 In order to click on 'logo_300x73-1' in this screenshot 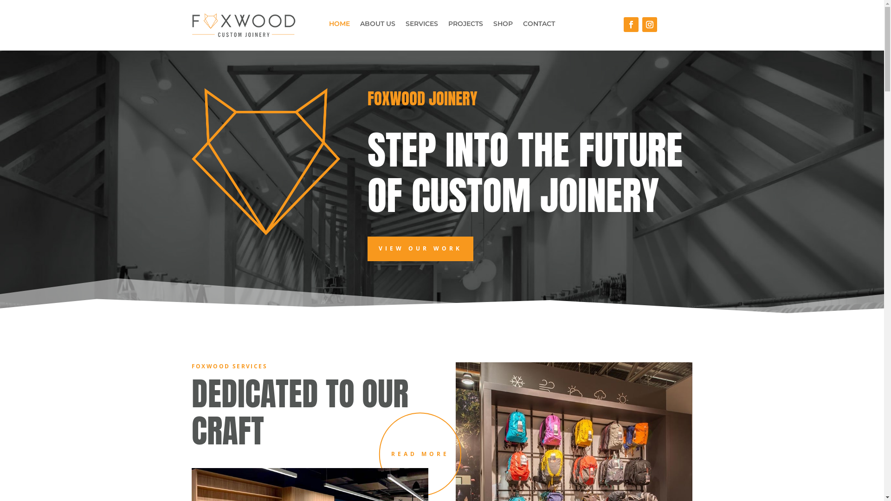, I will do `click(243, 25)`.